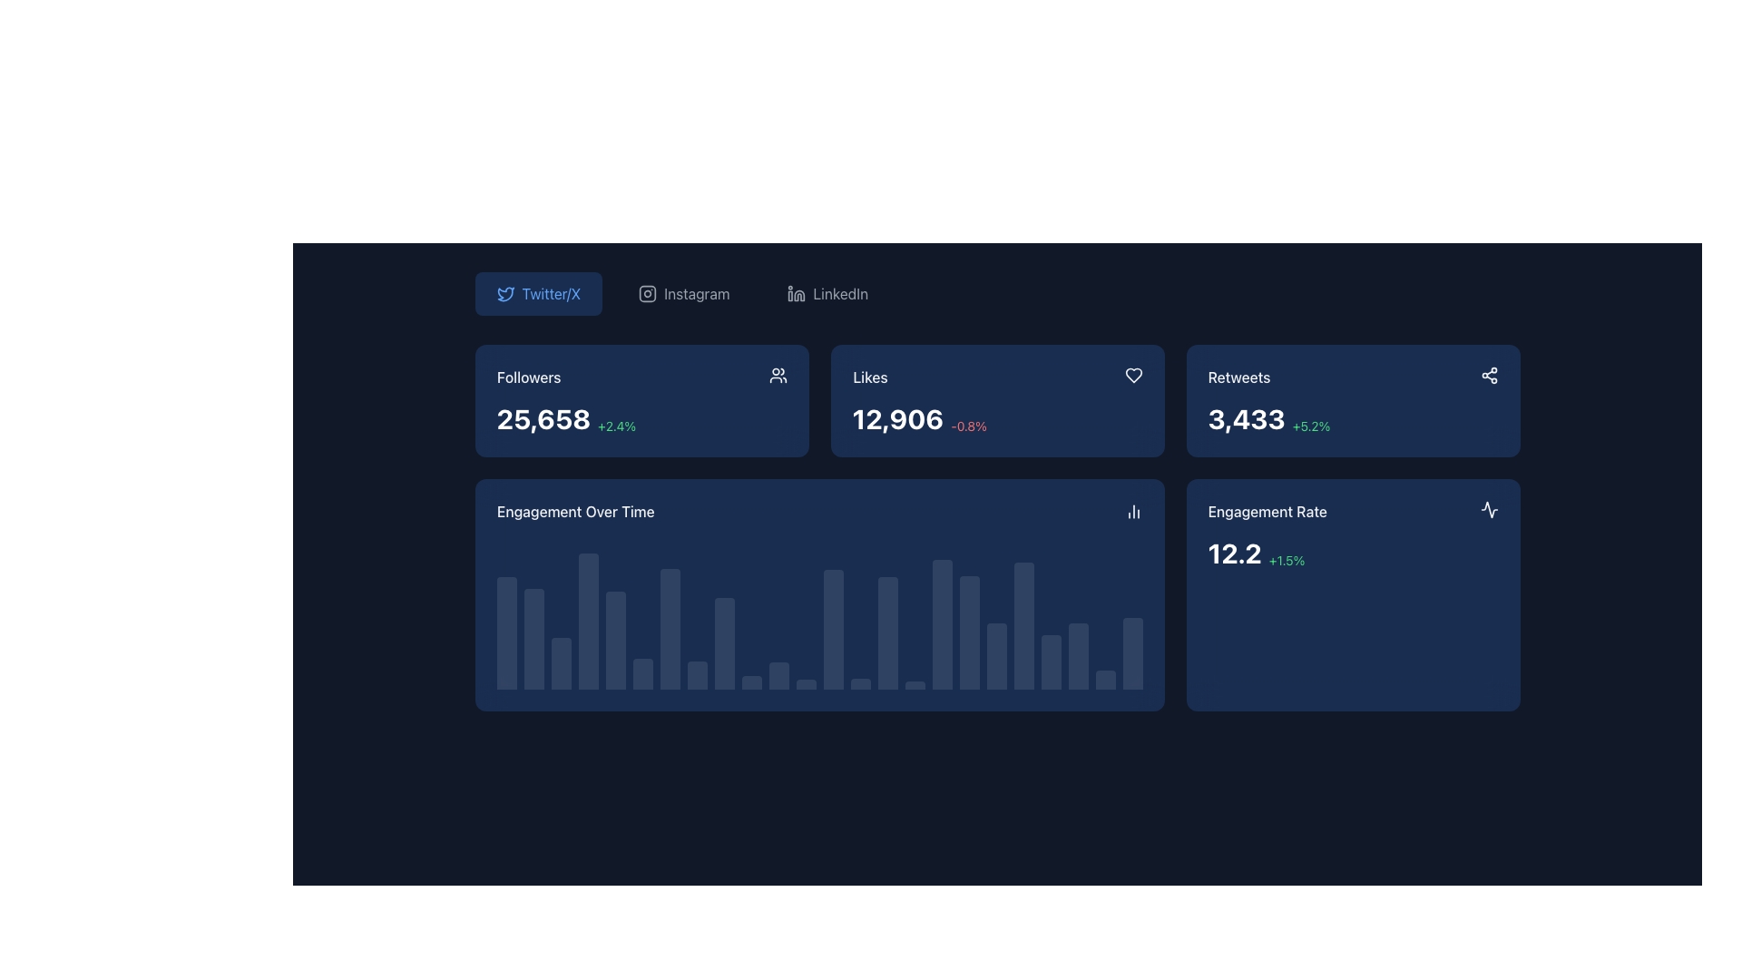  Describe the element at coordinates (696, 675) in the screenshot. I see `the eighth bar in the 'Engagement Over Time' chart that represents data related to engagement metrics` at that location.